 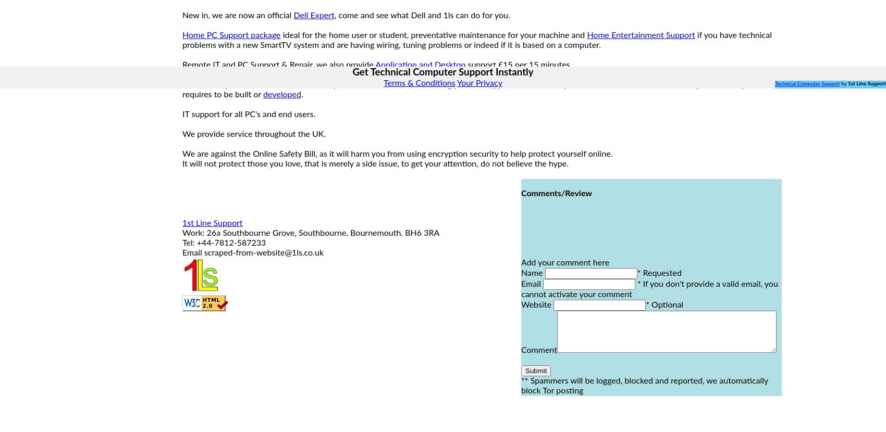 I want to click on '* Optional', so click(x=664, y=304).